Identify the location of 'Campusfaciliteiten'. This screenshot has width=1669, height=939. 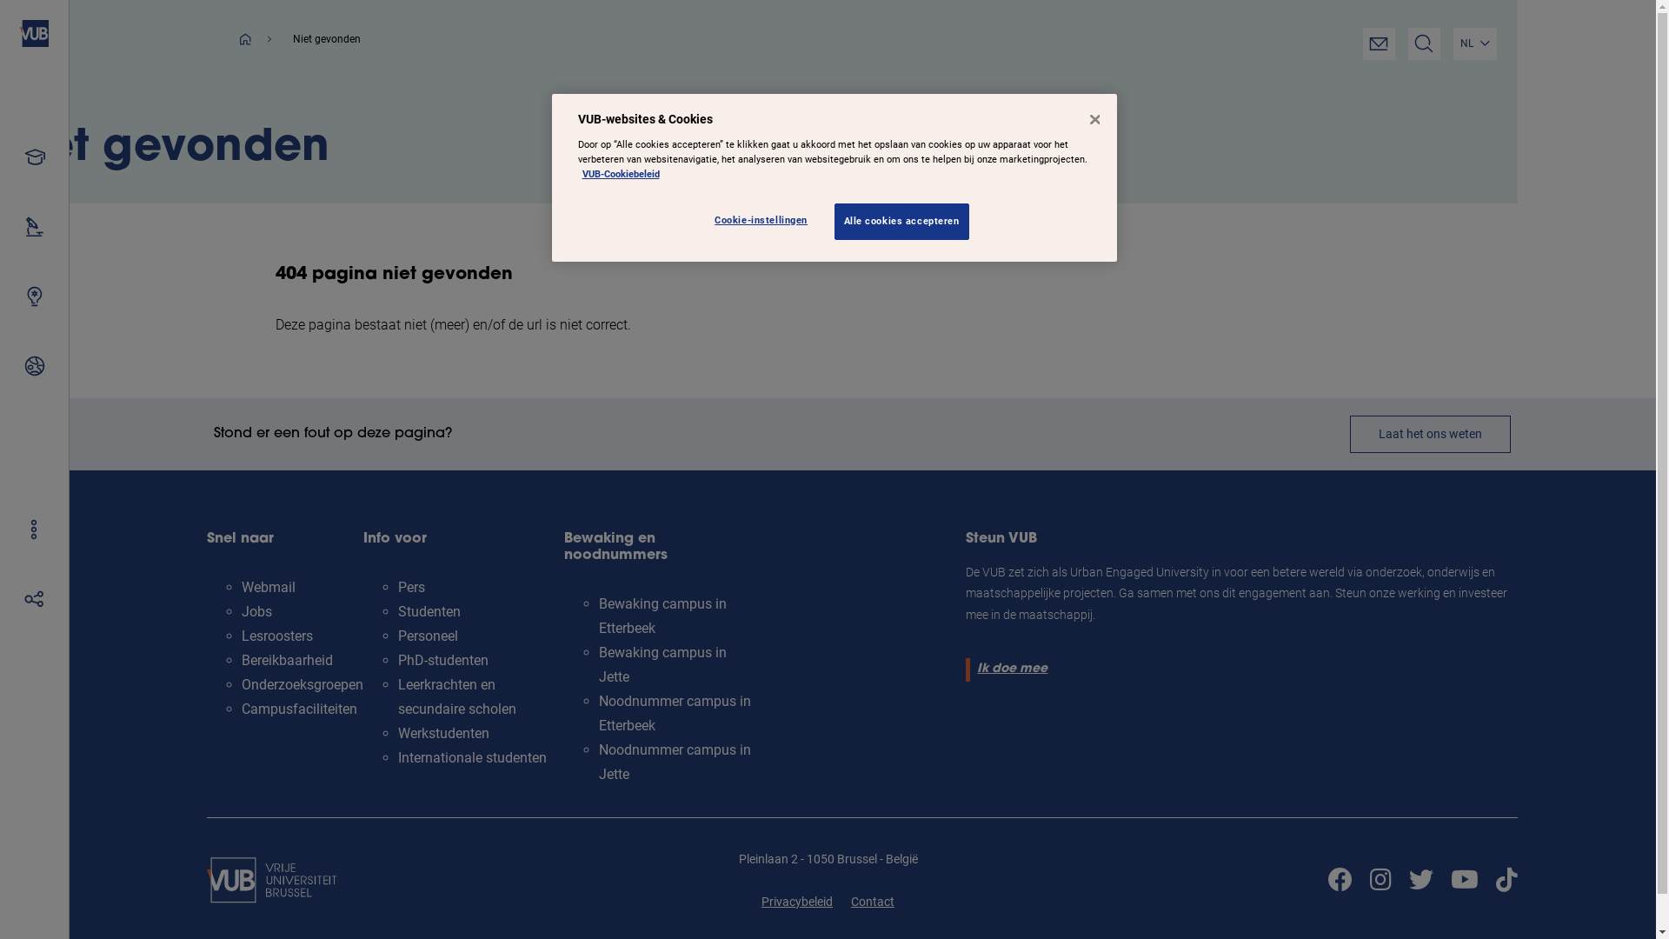
(299, 709).